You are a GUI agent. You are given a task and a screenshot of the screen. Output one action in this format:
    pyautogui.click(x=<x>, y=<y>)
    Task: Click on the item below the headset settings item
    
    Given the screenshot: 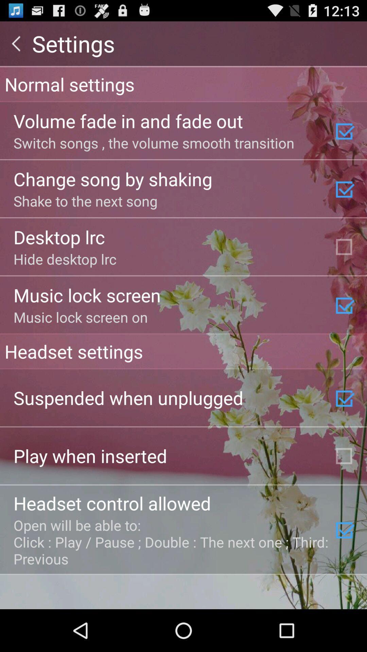 What is the action you would take?
    pyautogui.click(x=128, y=398)
    